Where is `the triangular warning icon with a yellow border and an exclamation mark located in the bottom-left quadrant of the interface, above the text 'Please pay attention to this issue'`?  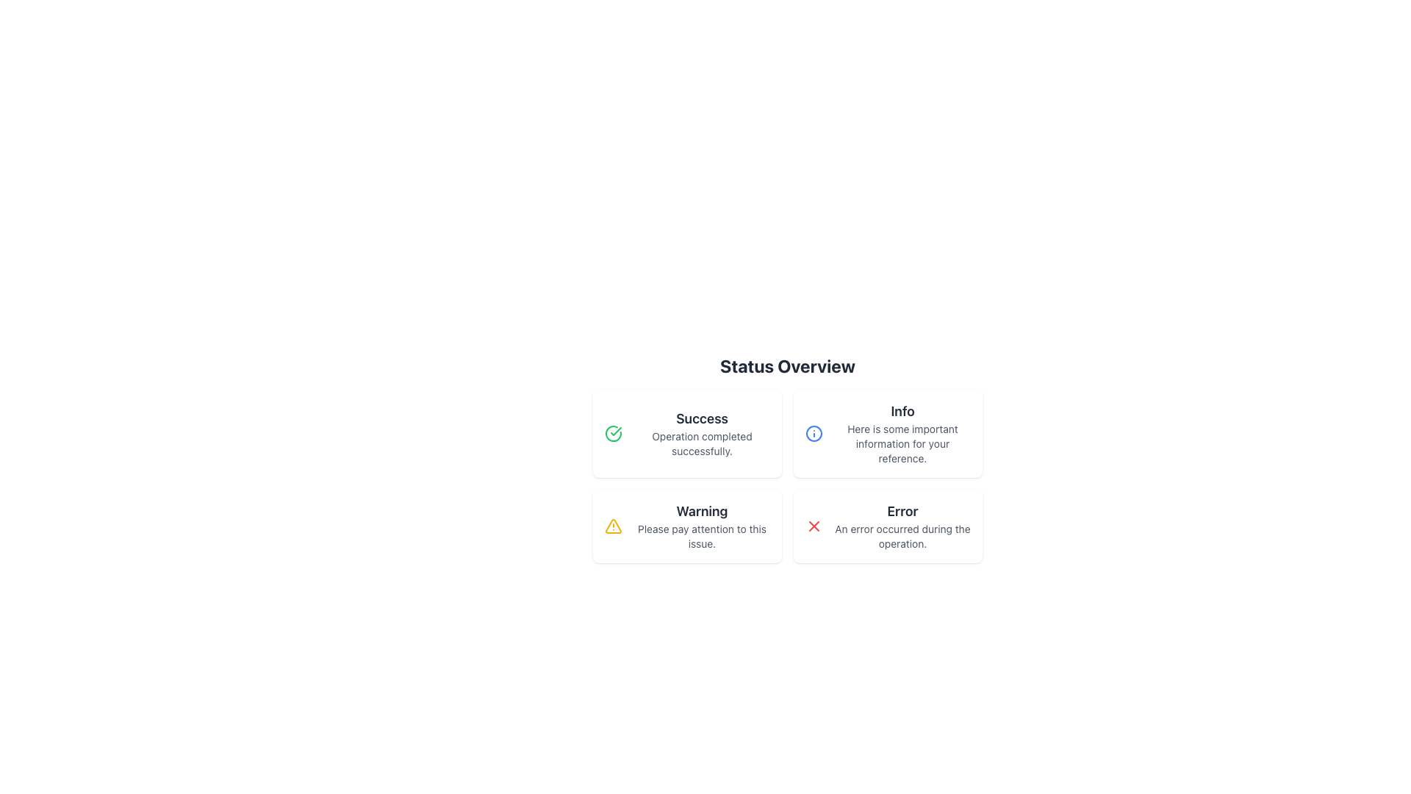 the triangular warning icon with a yellow border and an exclamation mark located in the bottom-left quadrant of the interface, above the text 'Please pay attention to this issue' is located at coordinates (614, 526).